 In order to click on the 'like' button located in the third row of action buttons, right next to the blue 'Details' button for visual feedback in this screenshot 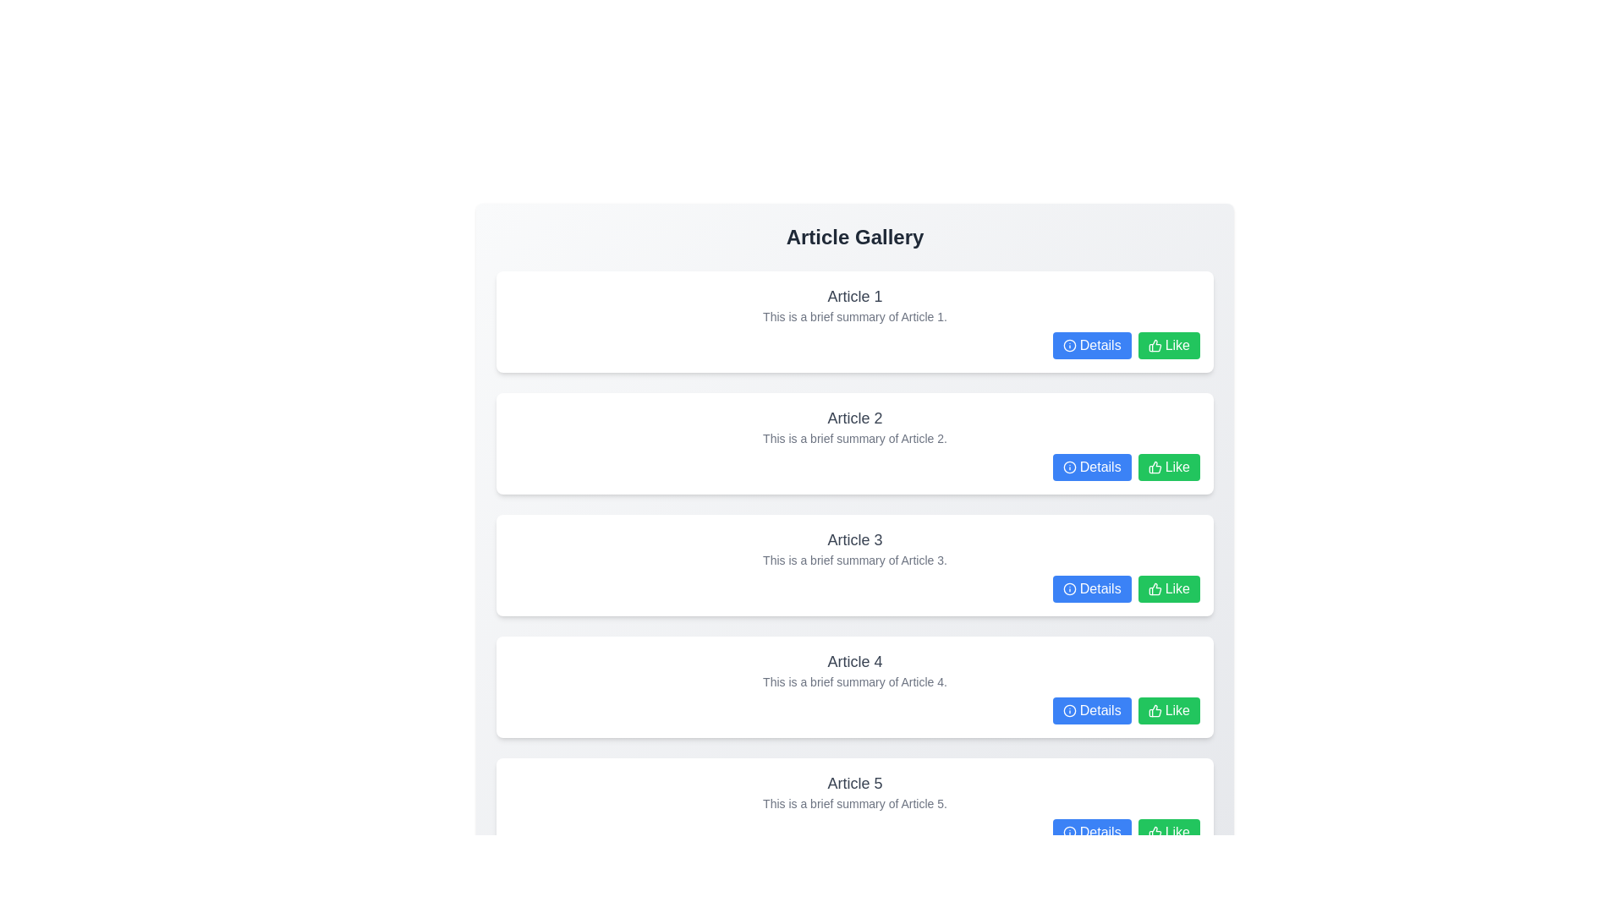, I will do `click(1168, 588)`.